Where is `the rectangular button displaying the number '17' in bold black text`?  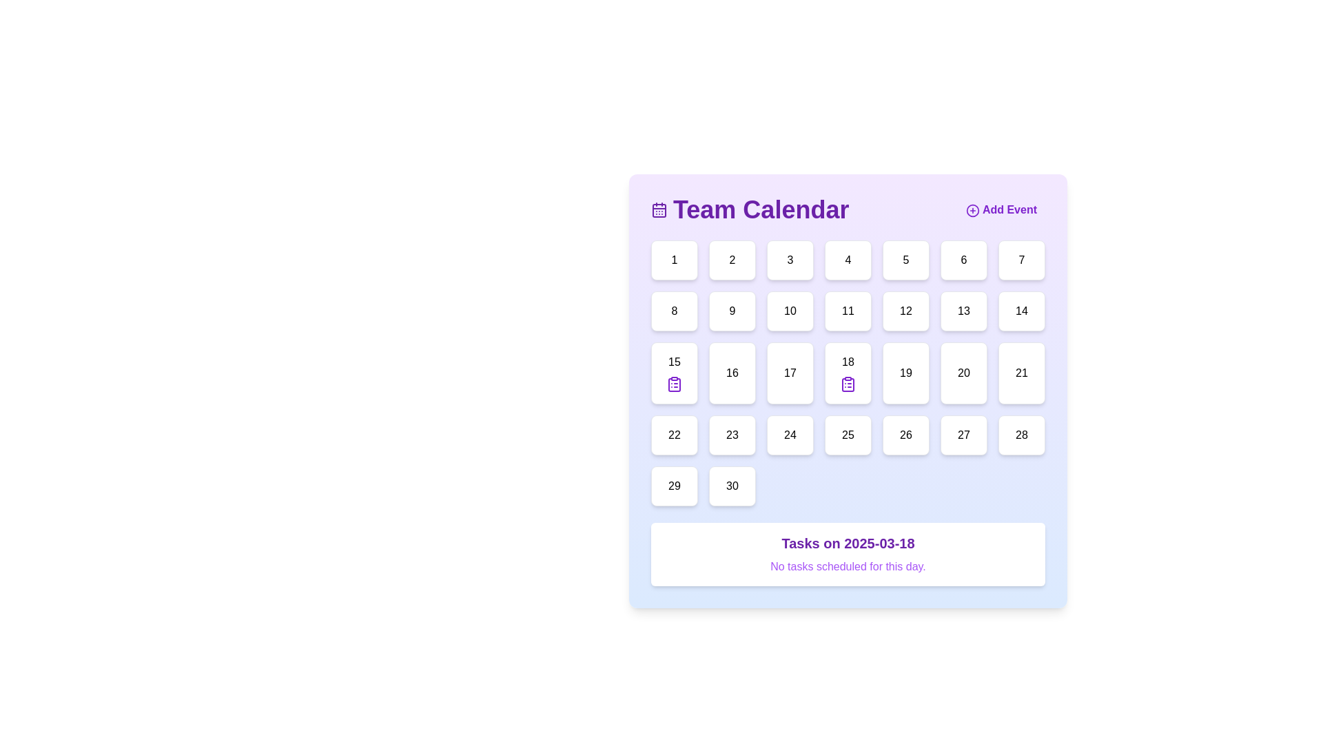
the rectangular button displaying the number '17' in bold black text is located at coordinates (790, 373).